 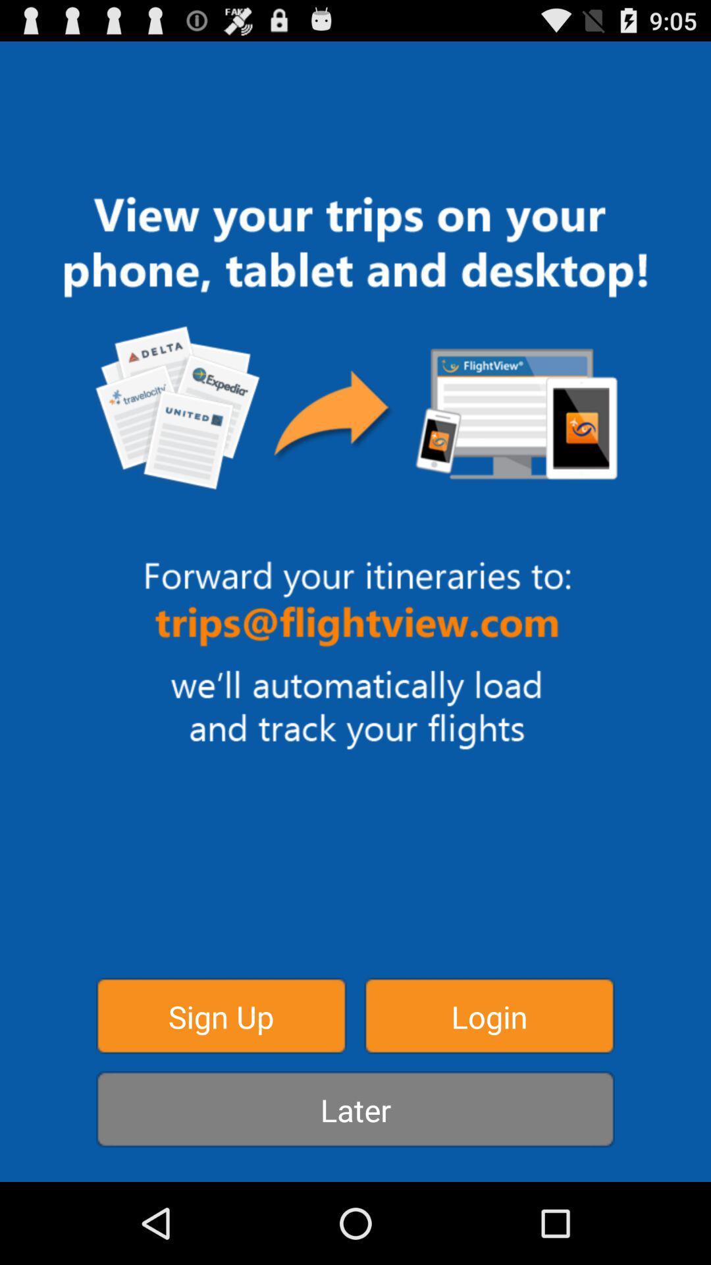 I want to click on sign up button, so click(x=221, y=1015).